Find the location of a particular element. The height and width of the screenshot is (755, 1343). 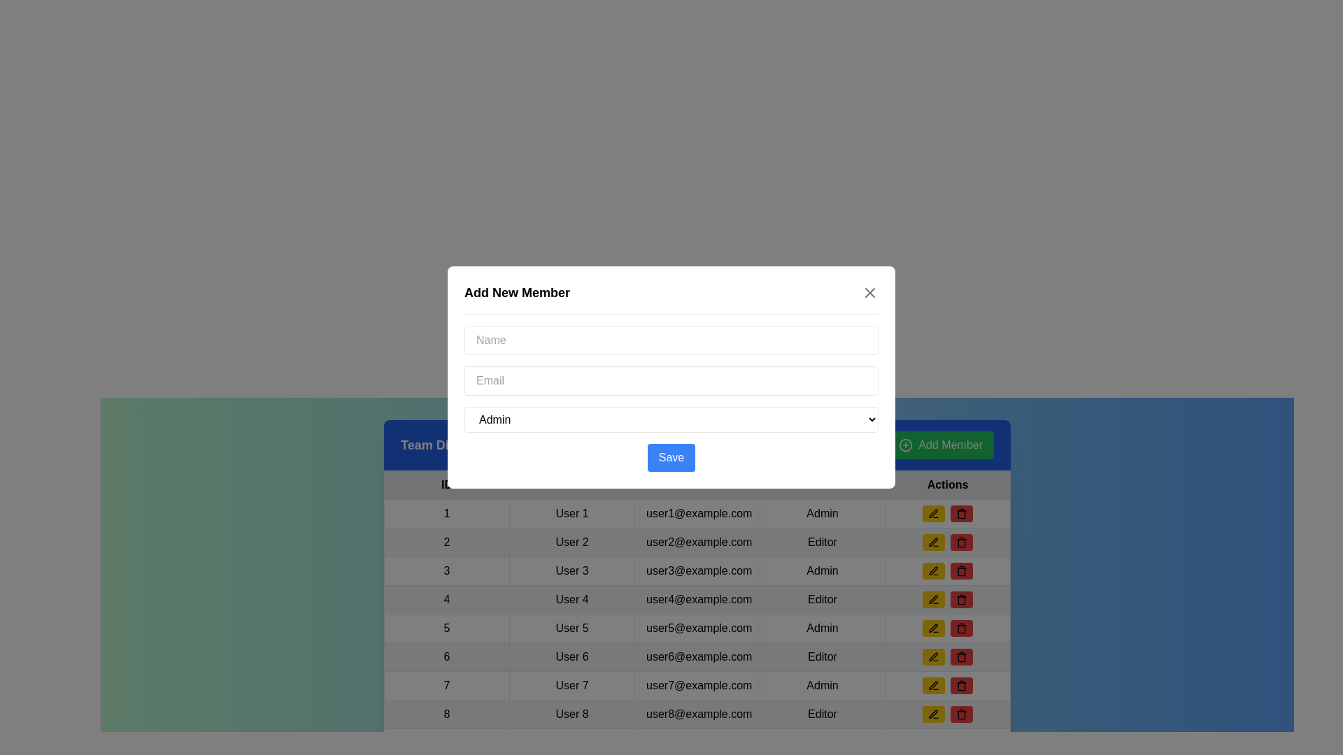

the pen-like icon within the yellow editing button for 'User 5' is located at coordinates (933, 541).